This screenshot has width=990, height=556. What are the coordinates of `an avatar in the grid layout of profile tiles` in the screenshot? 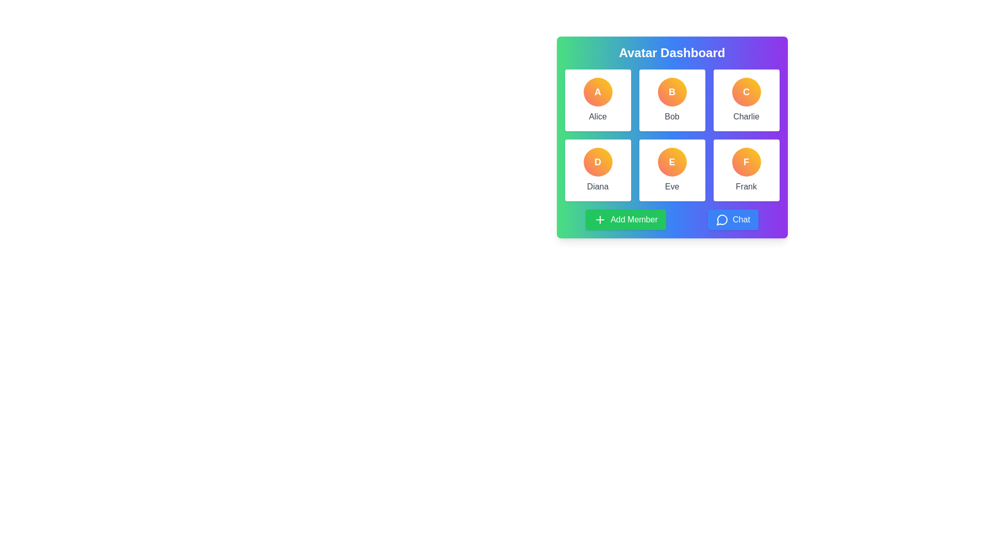 It's located at (672, 134).